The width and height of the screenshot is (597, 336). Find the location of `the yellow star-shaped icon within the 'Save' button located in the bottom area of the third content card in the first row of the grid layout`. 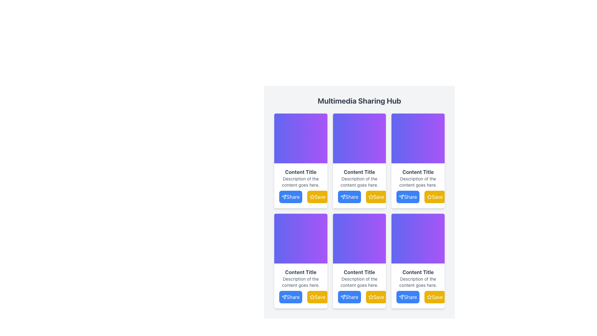

the yellow star-shaped icon within the 'Save' button located in the bottom area of the third content card in the first row of the grid layout is located at coordinates (429, 197).